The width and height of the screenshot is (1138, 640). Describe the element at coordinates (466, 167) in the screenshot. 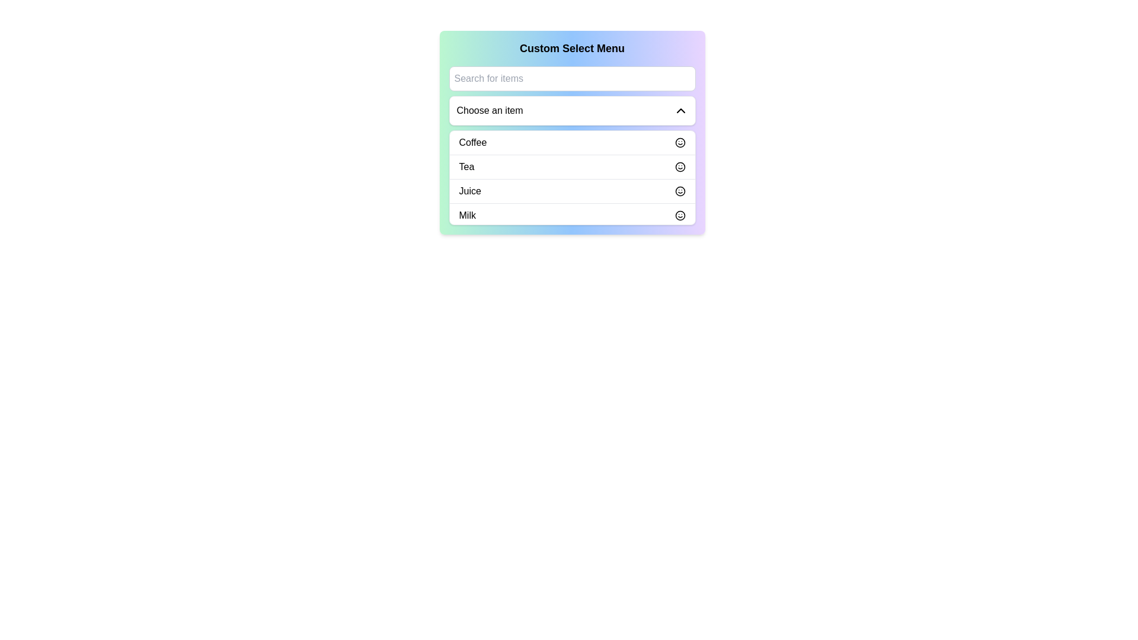

I see `the text label representing the second selectable option in the dropdown menu under 'Choose an item'` at that location.